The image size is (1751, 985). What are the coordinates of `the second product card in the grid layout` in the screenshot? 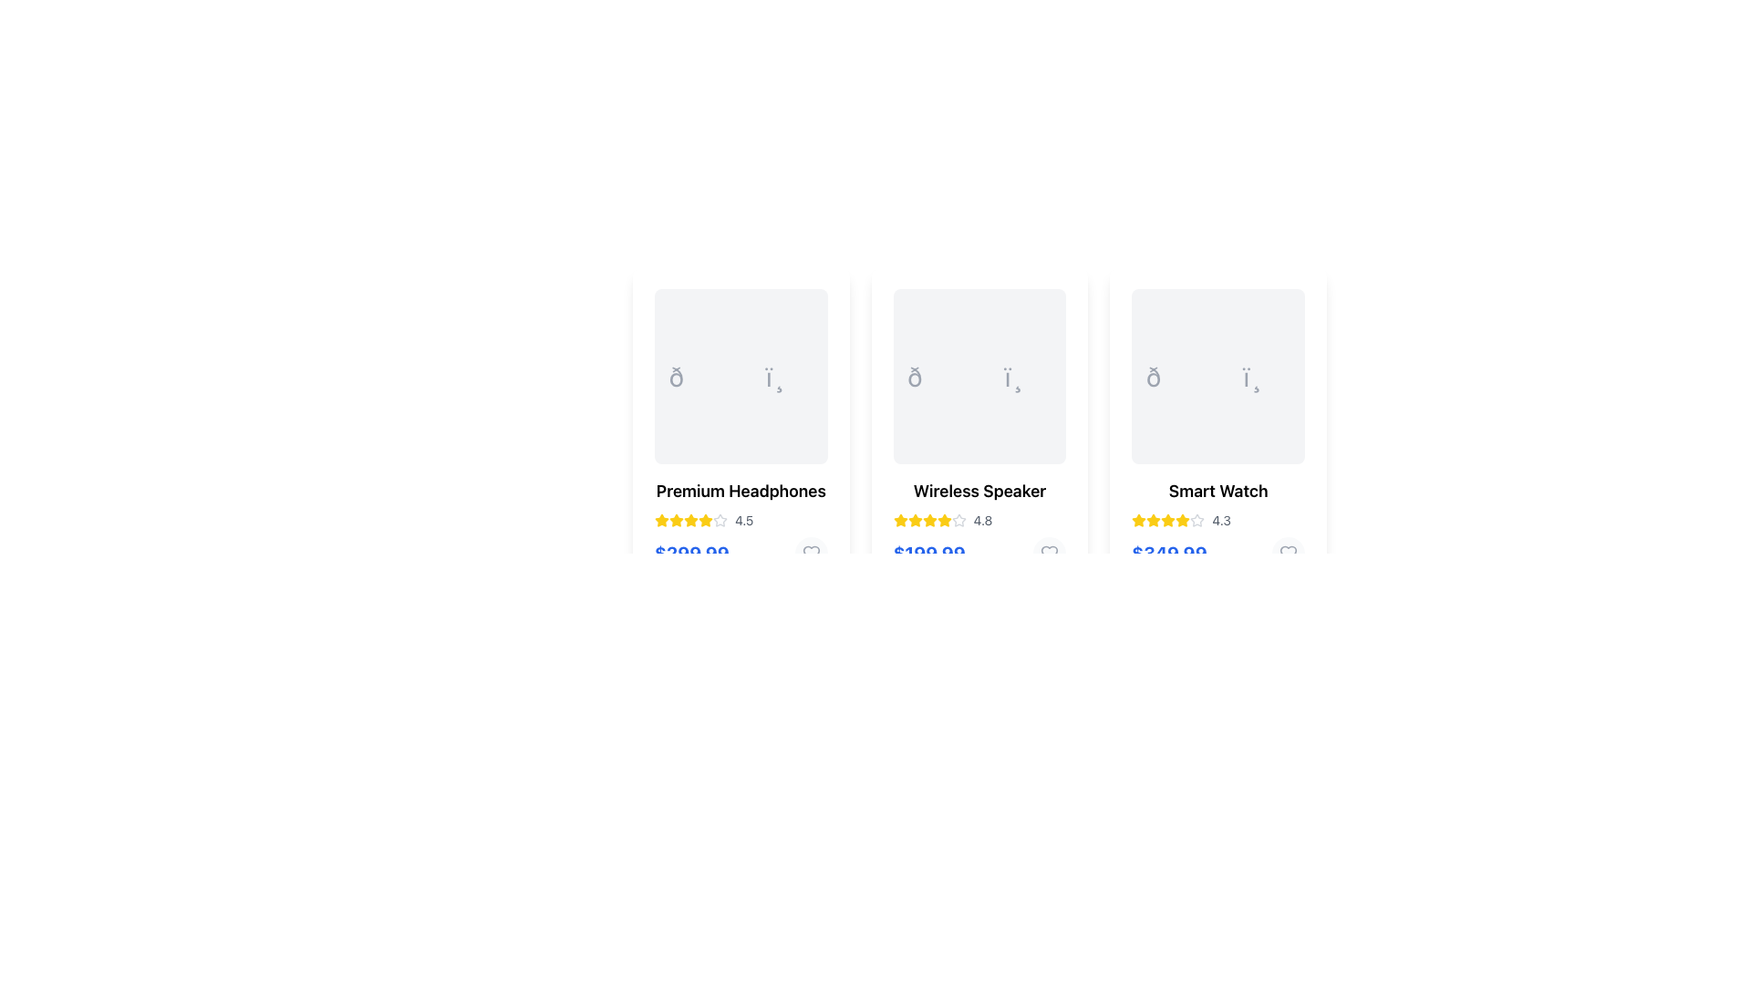 It's located at (979, 387).